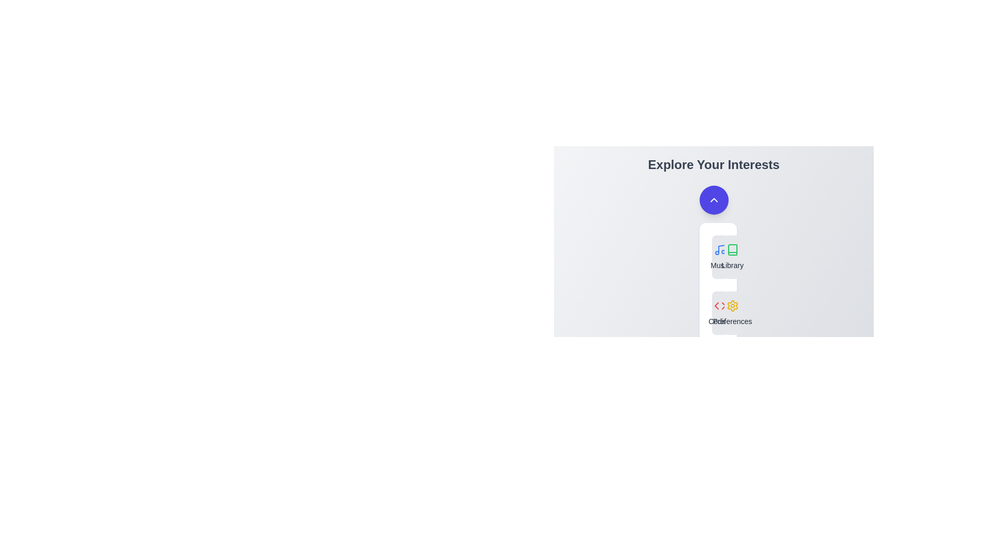 This screenshot has width=995, height=560. What do you see at coordinates (713, 200) in the screenshot?
I see `chevron button to toggle the menu visibility` at bounding box center [713, 200].